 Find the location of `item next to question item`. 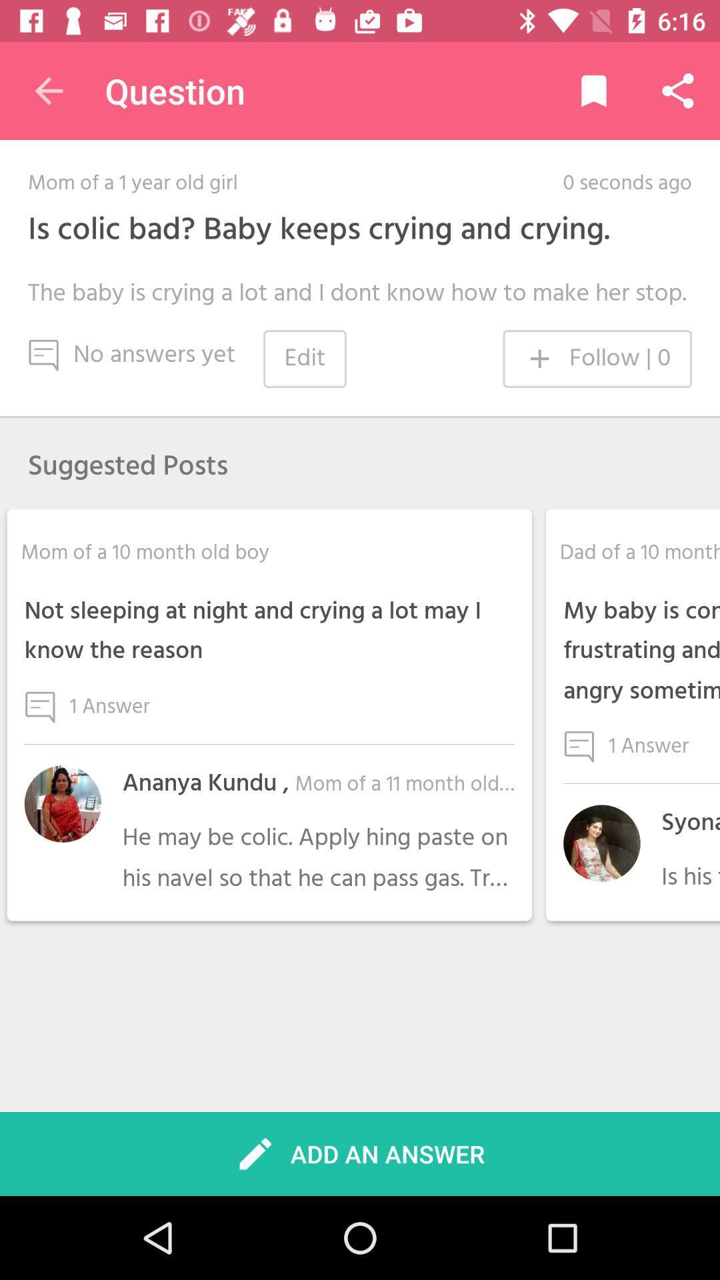

item next to question item is located at coordinates (48, 90).